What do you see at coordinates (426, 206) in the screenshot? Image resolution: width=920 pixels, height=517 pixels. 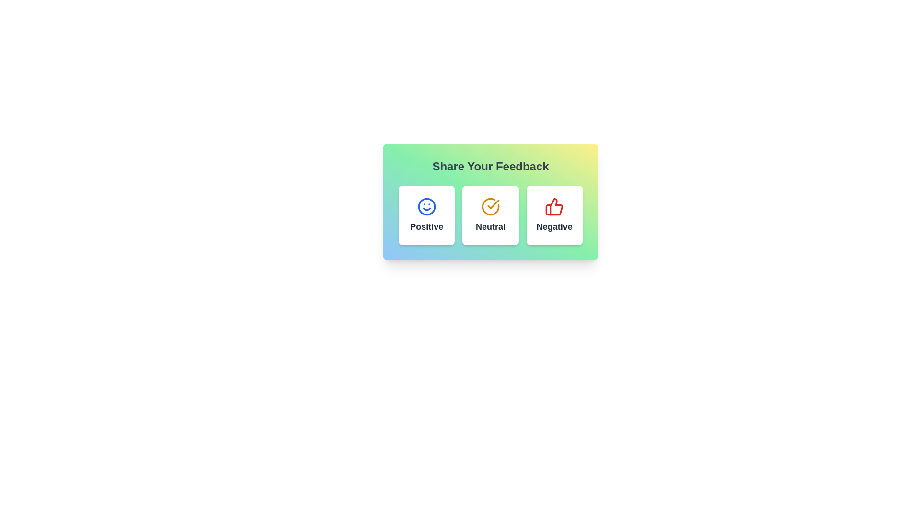 I see `the stylized smiley face icon outlined in blue, located centrally within the 'Positive' feedback option` at bounding box center [426, 206].